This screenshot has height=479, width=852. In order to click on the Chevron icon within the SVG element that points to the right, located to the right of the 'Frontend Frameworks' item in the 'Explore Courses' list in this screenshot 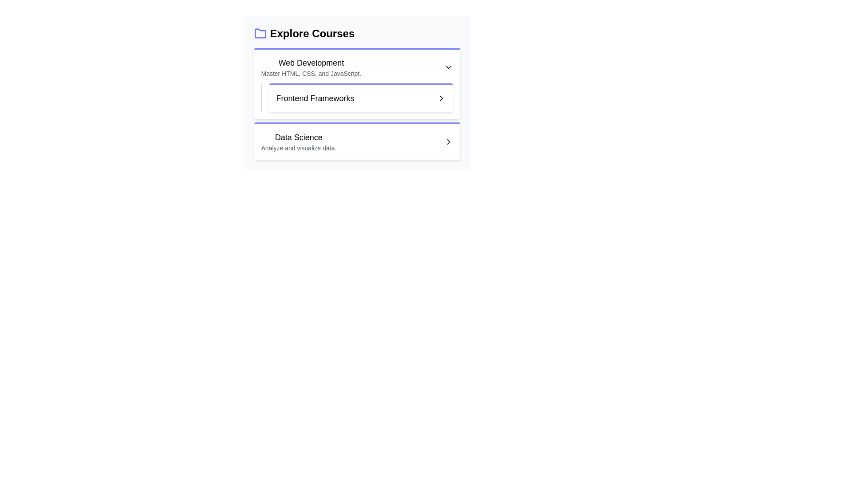, I will do `click(448, 141)`.